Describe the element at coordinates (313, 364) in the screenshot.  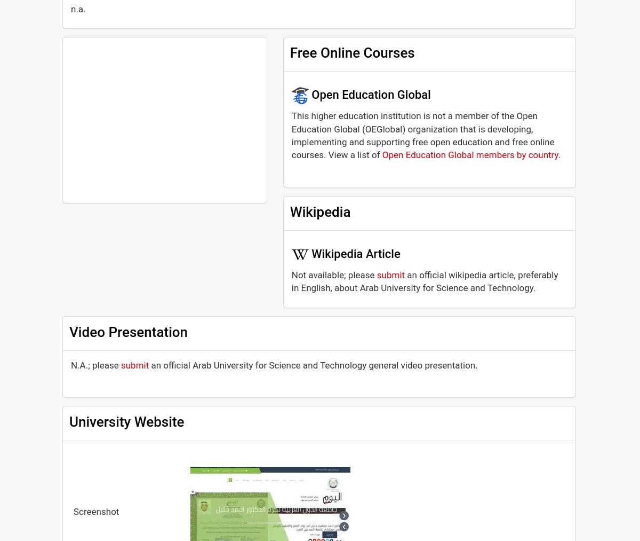
I see `'an official Arab University for Science and Technology general video presentation.'` at that location.